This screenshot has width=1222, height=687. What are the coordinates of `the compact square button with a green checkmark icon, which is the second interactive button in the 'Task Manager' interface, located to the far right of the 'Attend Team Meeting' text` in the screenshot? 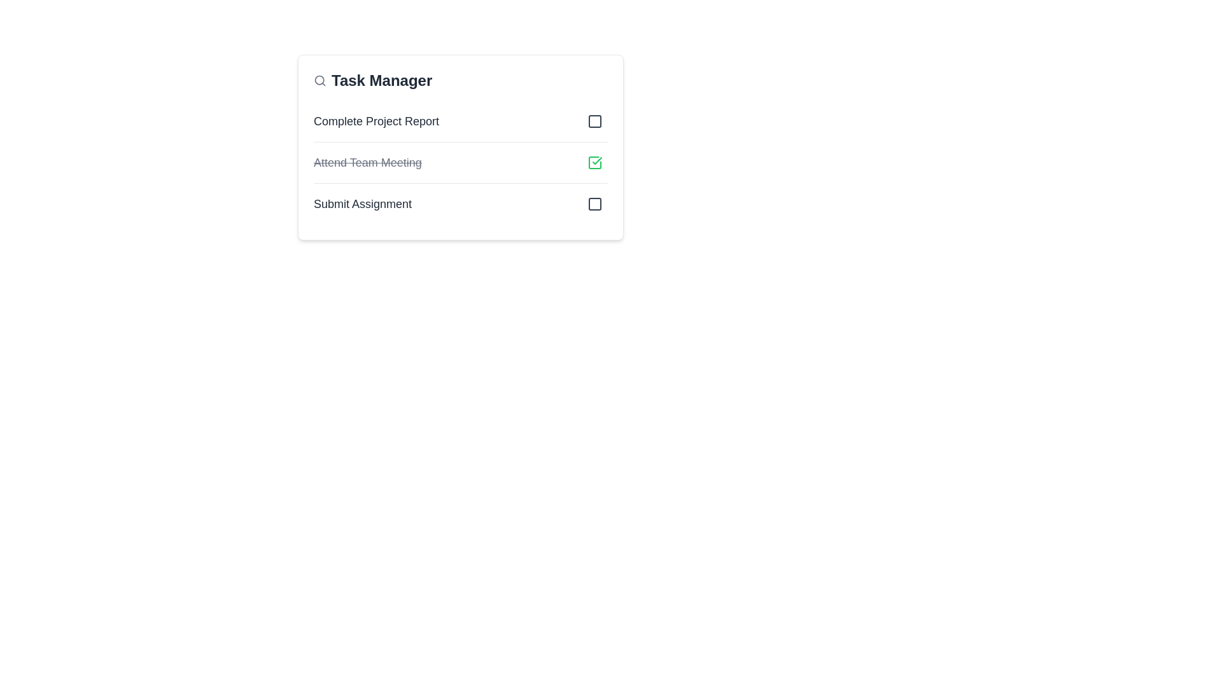 It's located at (594, 162).